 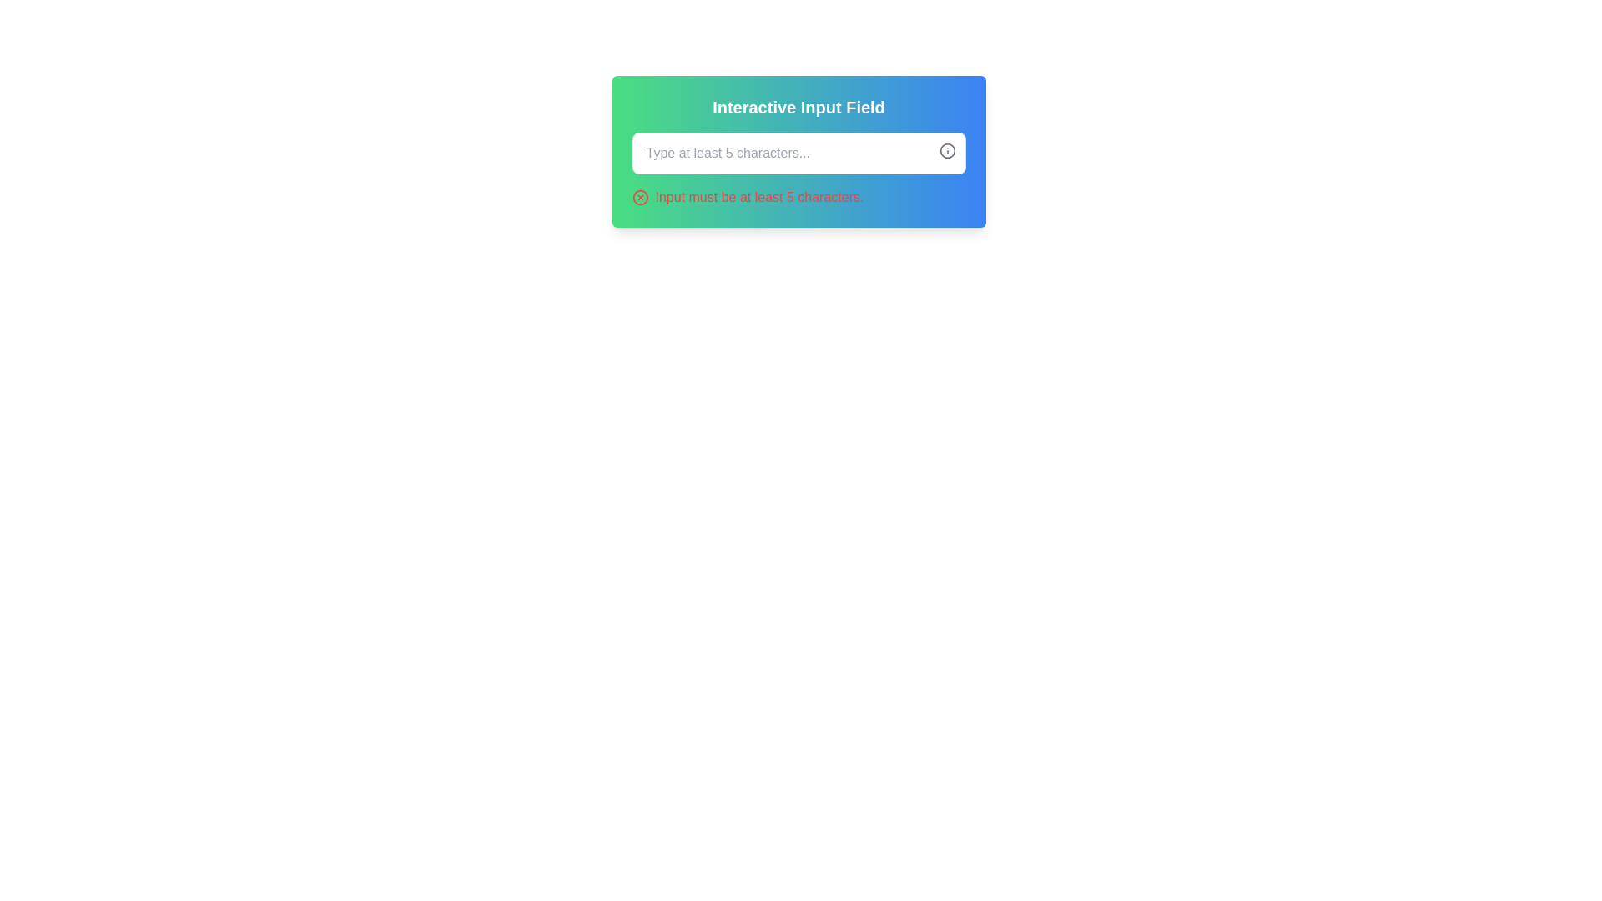 I want to click on validation message located below the input field, which provides feedback about the user's input requirements, so click(x=747, y=196).